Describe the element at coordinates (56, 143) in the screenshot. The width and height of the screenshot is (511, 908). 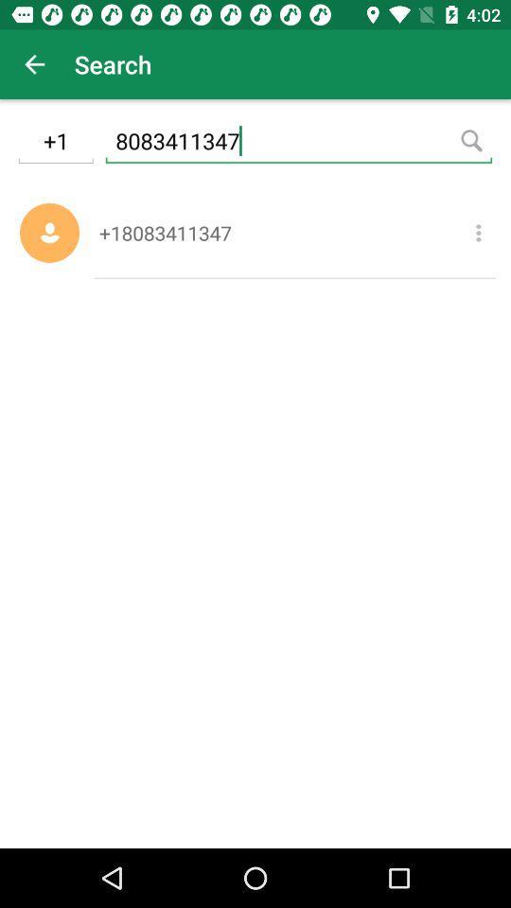
I see `the item to the left of 8083411347` at that location.